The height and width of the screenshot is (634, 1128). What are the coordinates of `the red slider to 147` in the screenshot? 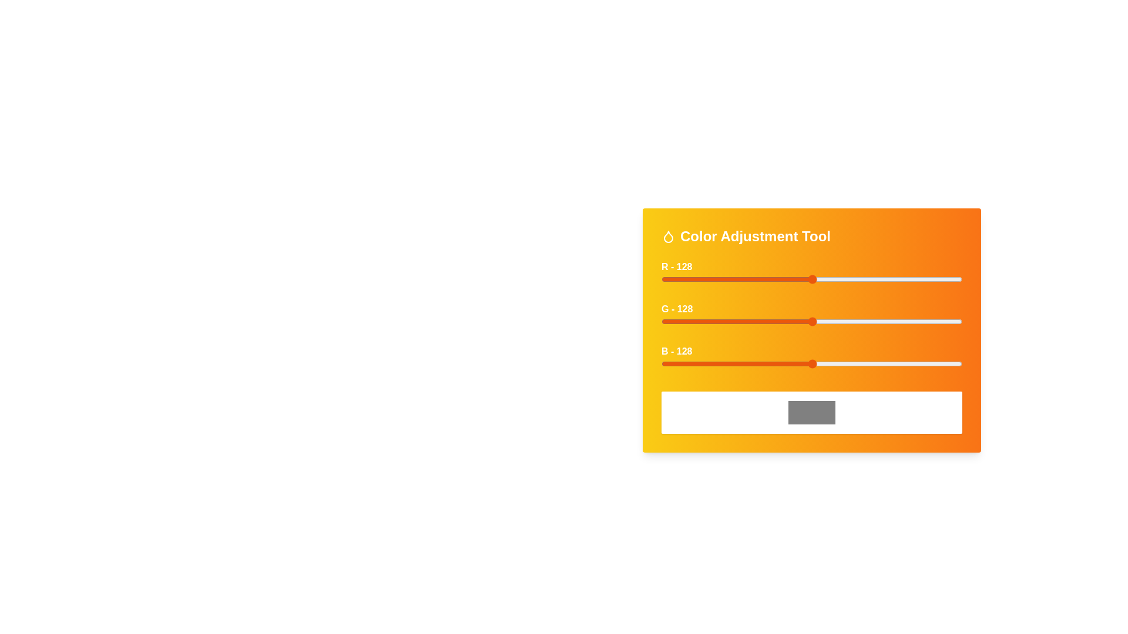 It's located at (834, 279).